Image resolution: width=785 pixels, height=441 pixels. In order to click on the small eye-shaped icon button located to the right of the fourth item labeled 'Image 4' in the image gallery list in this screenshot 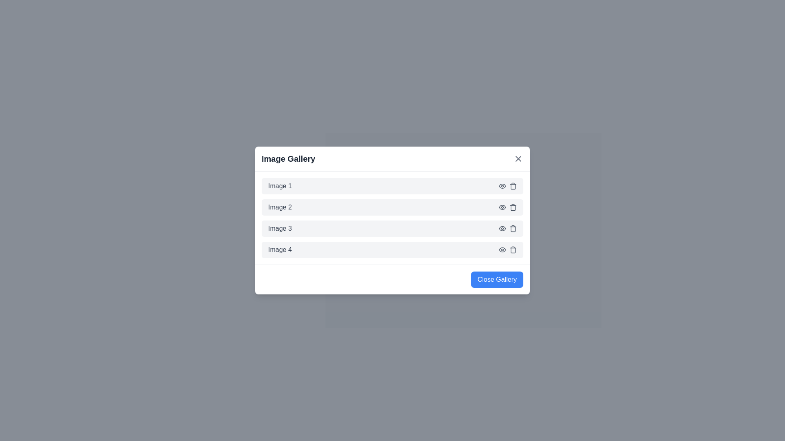, I will do `click(502, 249)`.